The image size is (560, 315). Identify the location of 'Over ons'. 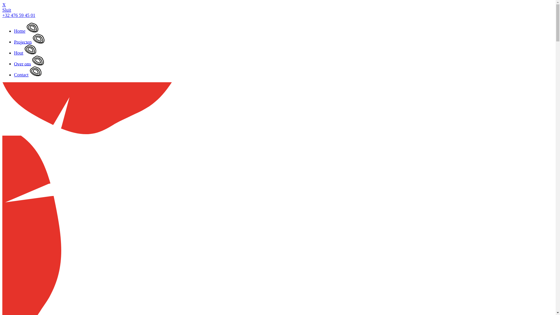
(22, 64).